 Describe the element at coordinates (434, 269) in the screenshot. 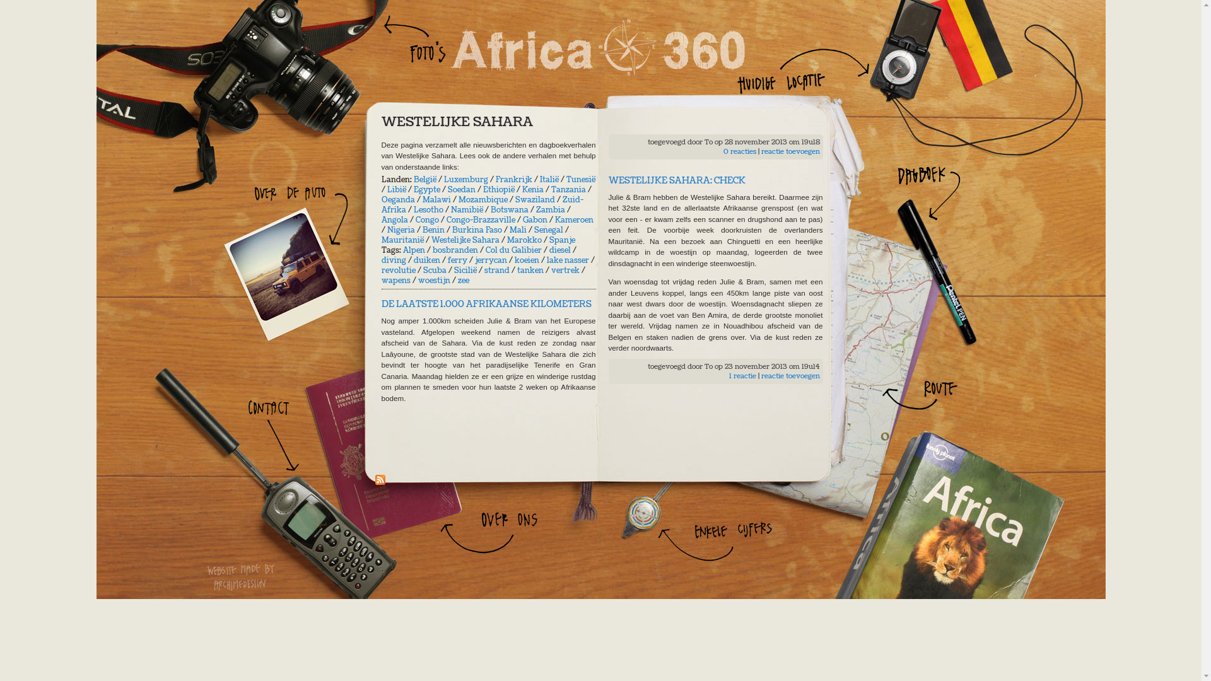

I see `'Scuba'` at that location.